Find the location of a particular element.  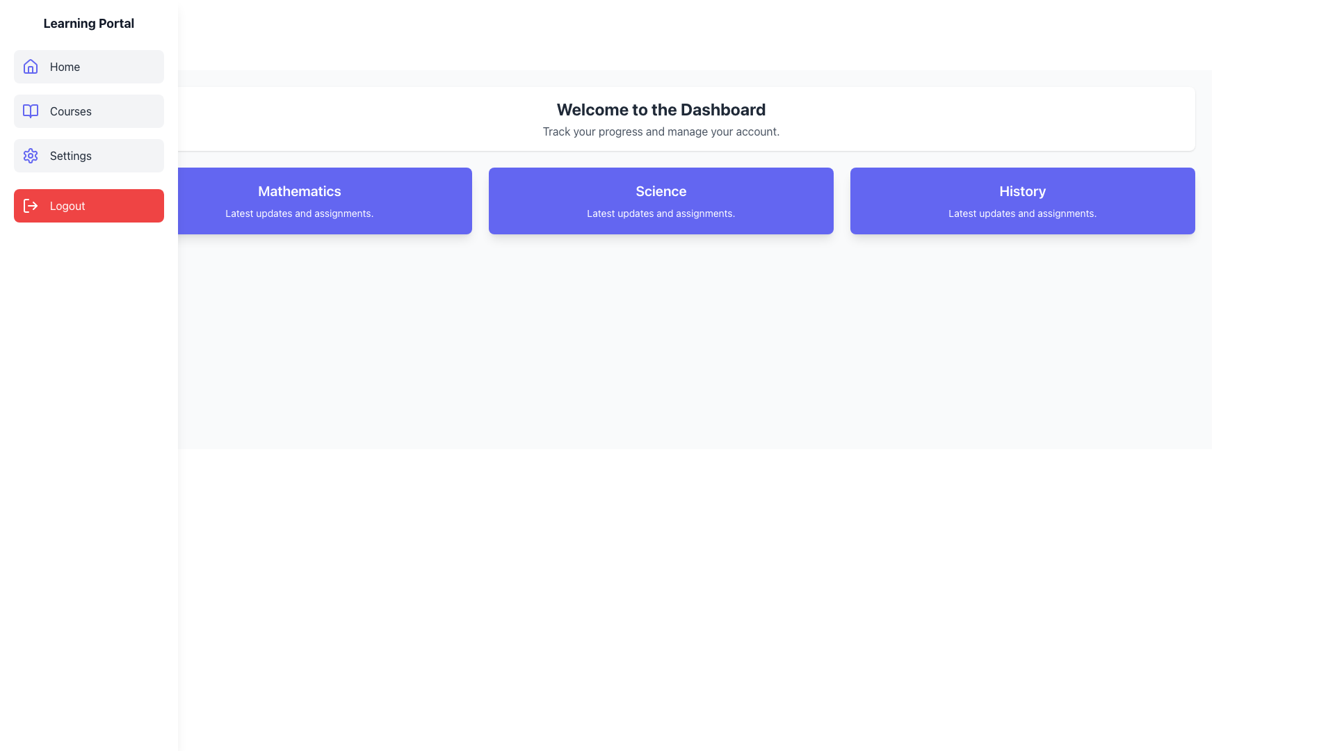

the 'Courses' text label located on the left sidebar, positioned between the 'Home' and 'Settings' menu items is located at coordinates (70, 110).